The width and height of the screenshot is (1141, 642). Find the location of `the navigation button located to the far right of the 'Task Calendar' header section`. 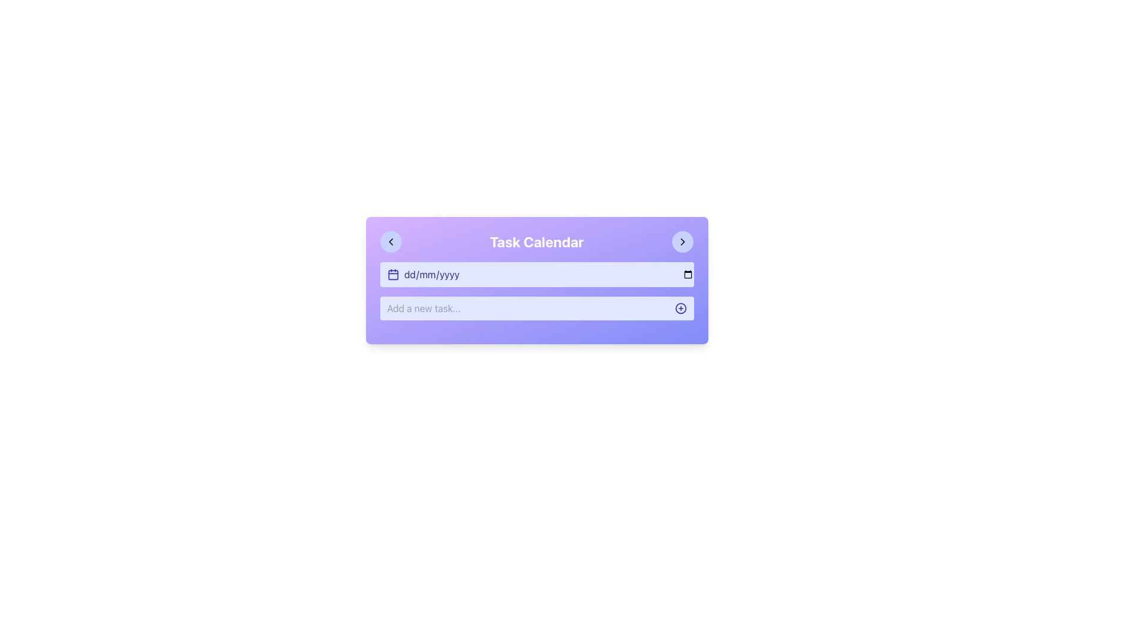

the navigation button located to the far right of the 'Task Calendar' header section is located at coordinates (683, 241).